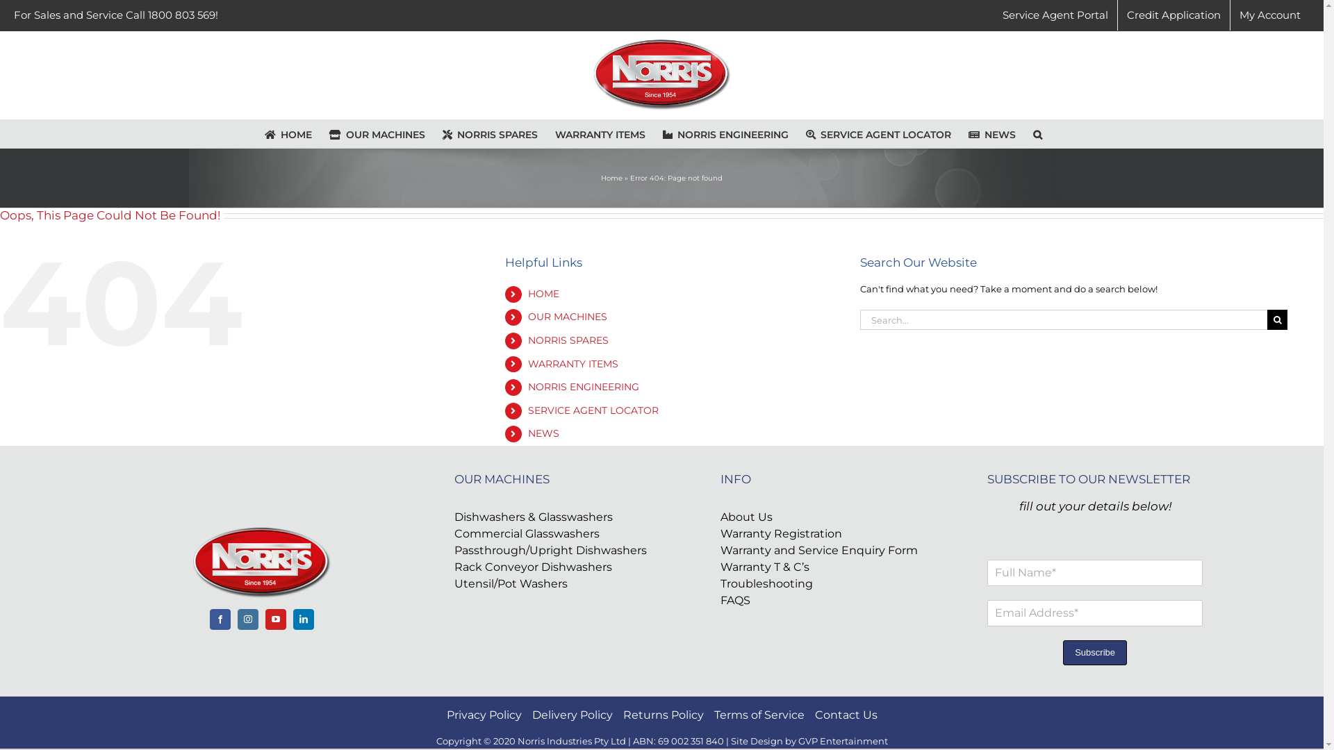 The height and width of the screenshot is (750, 1334). What do you see at coordinates (827, 550) in the screenshot?
I see `'Warranty and Service Enquiry Form'` at bounding box center [827, 550].